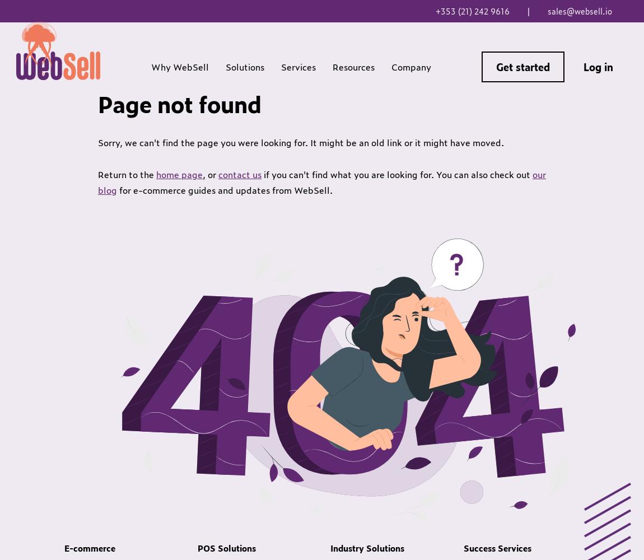 The height and width of the screenshot is (560, 644). What do you see at coordinates (218, 174) in the screenshot?
I see `'contact us'` at bounding box center [218, 174].